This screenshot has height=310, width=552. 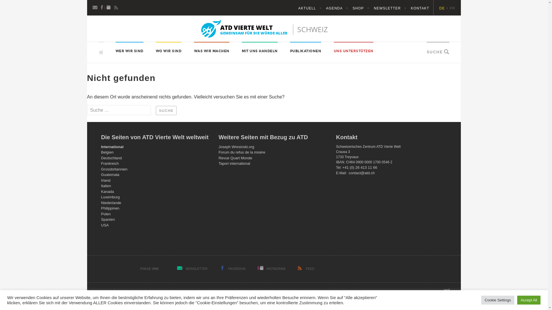 What do you see at coordinates (101, 191) in the screenshot?
I see `'Kanada'` at bounding box center [101, 191].